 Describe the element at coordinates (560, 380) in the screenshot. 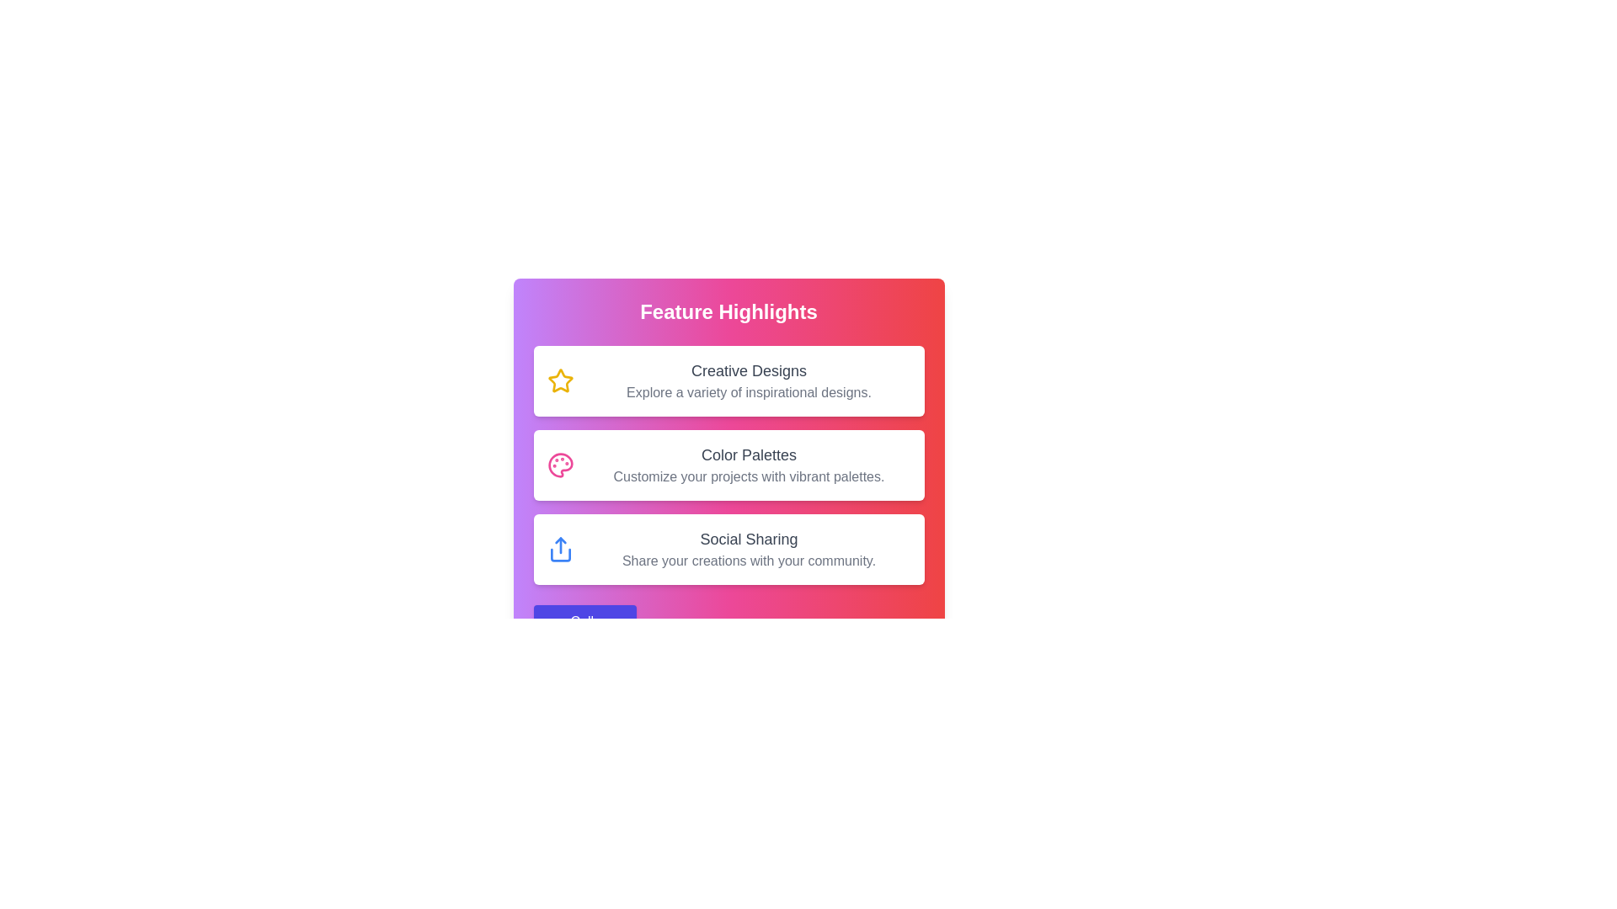

I see `the yellow star icon representing creativity, located at the left side of the card titled 'Creative Designs', for accessibility purposes` at that location.